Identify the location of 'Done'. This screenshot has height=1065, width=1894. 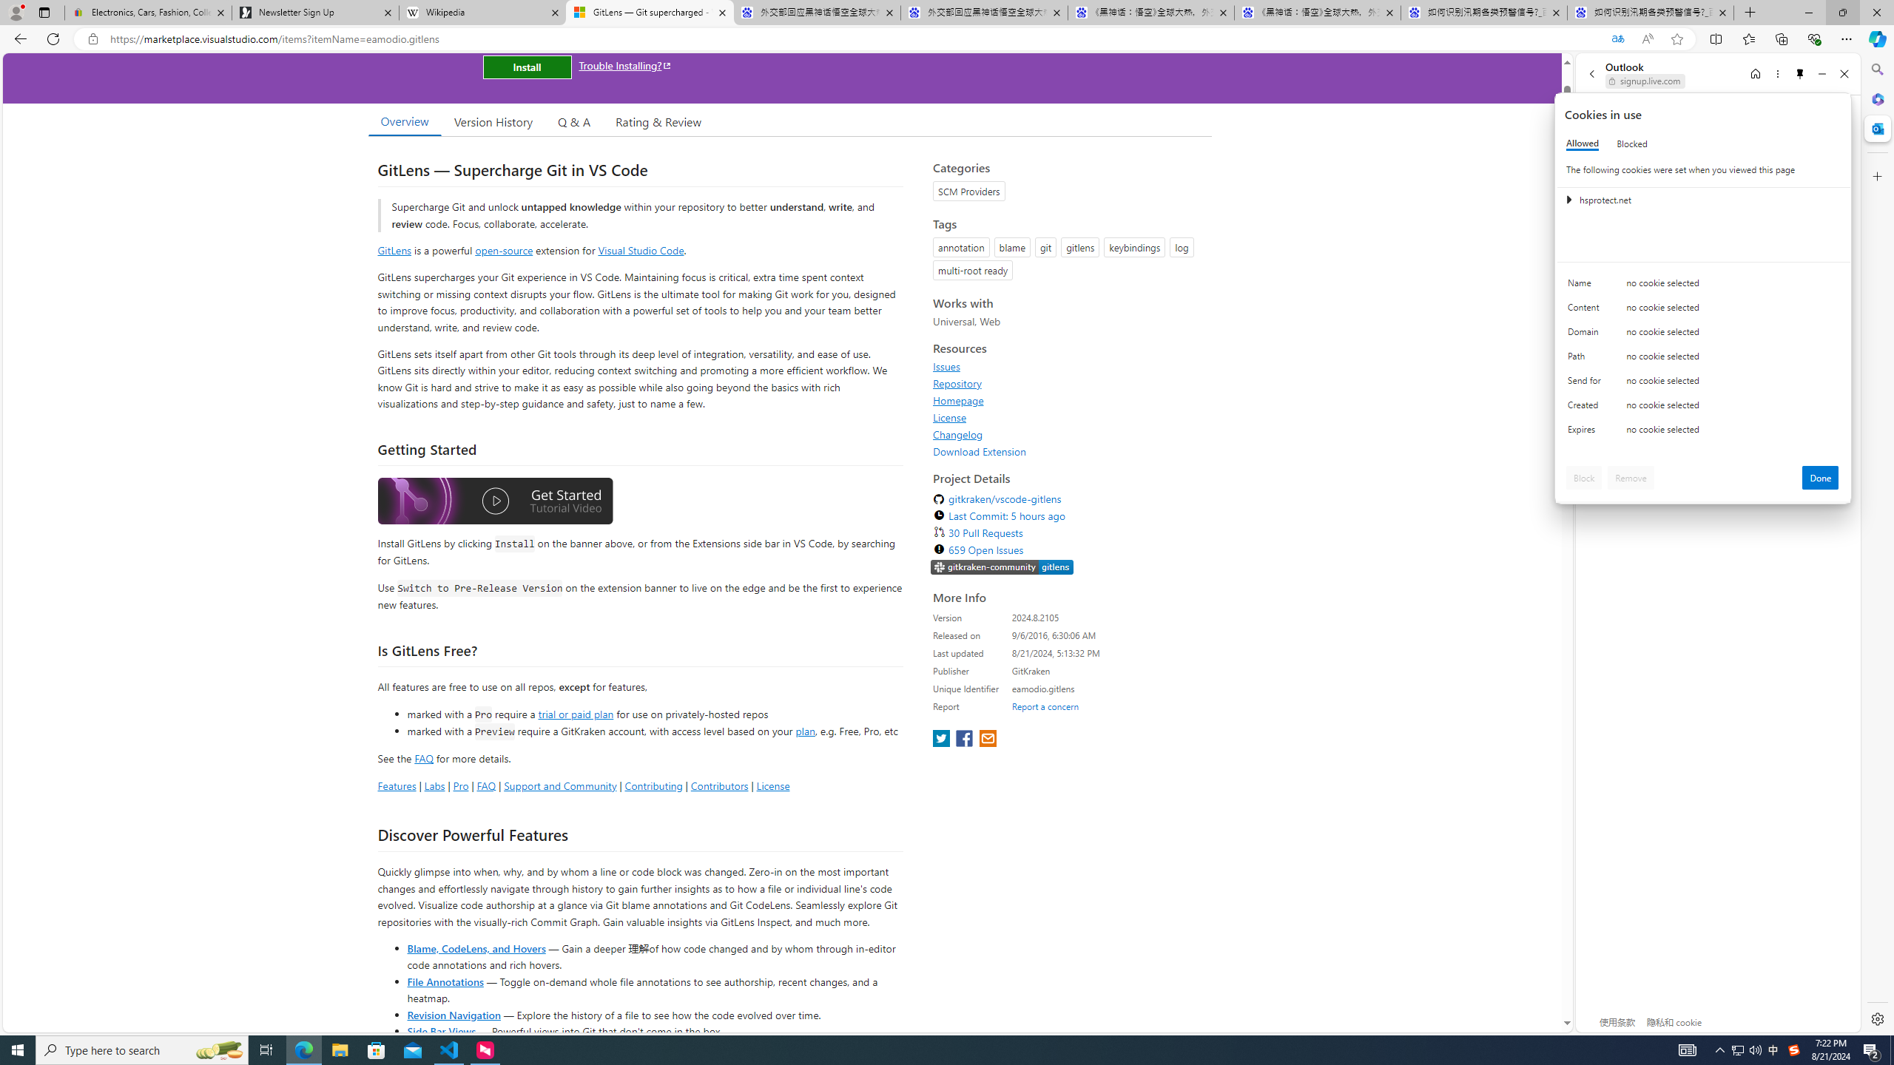
(1821, 478).